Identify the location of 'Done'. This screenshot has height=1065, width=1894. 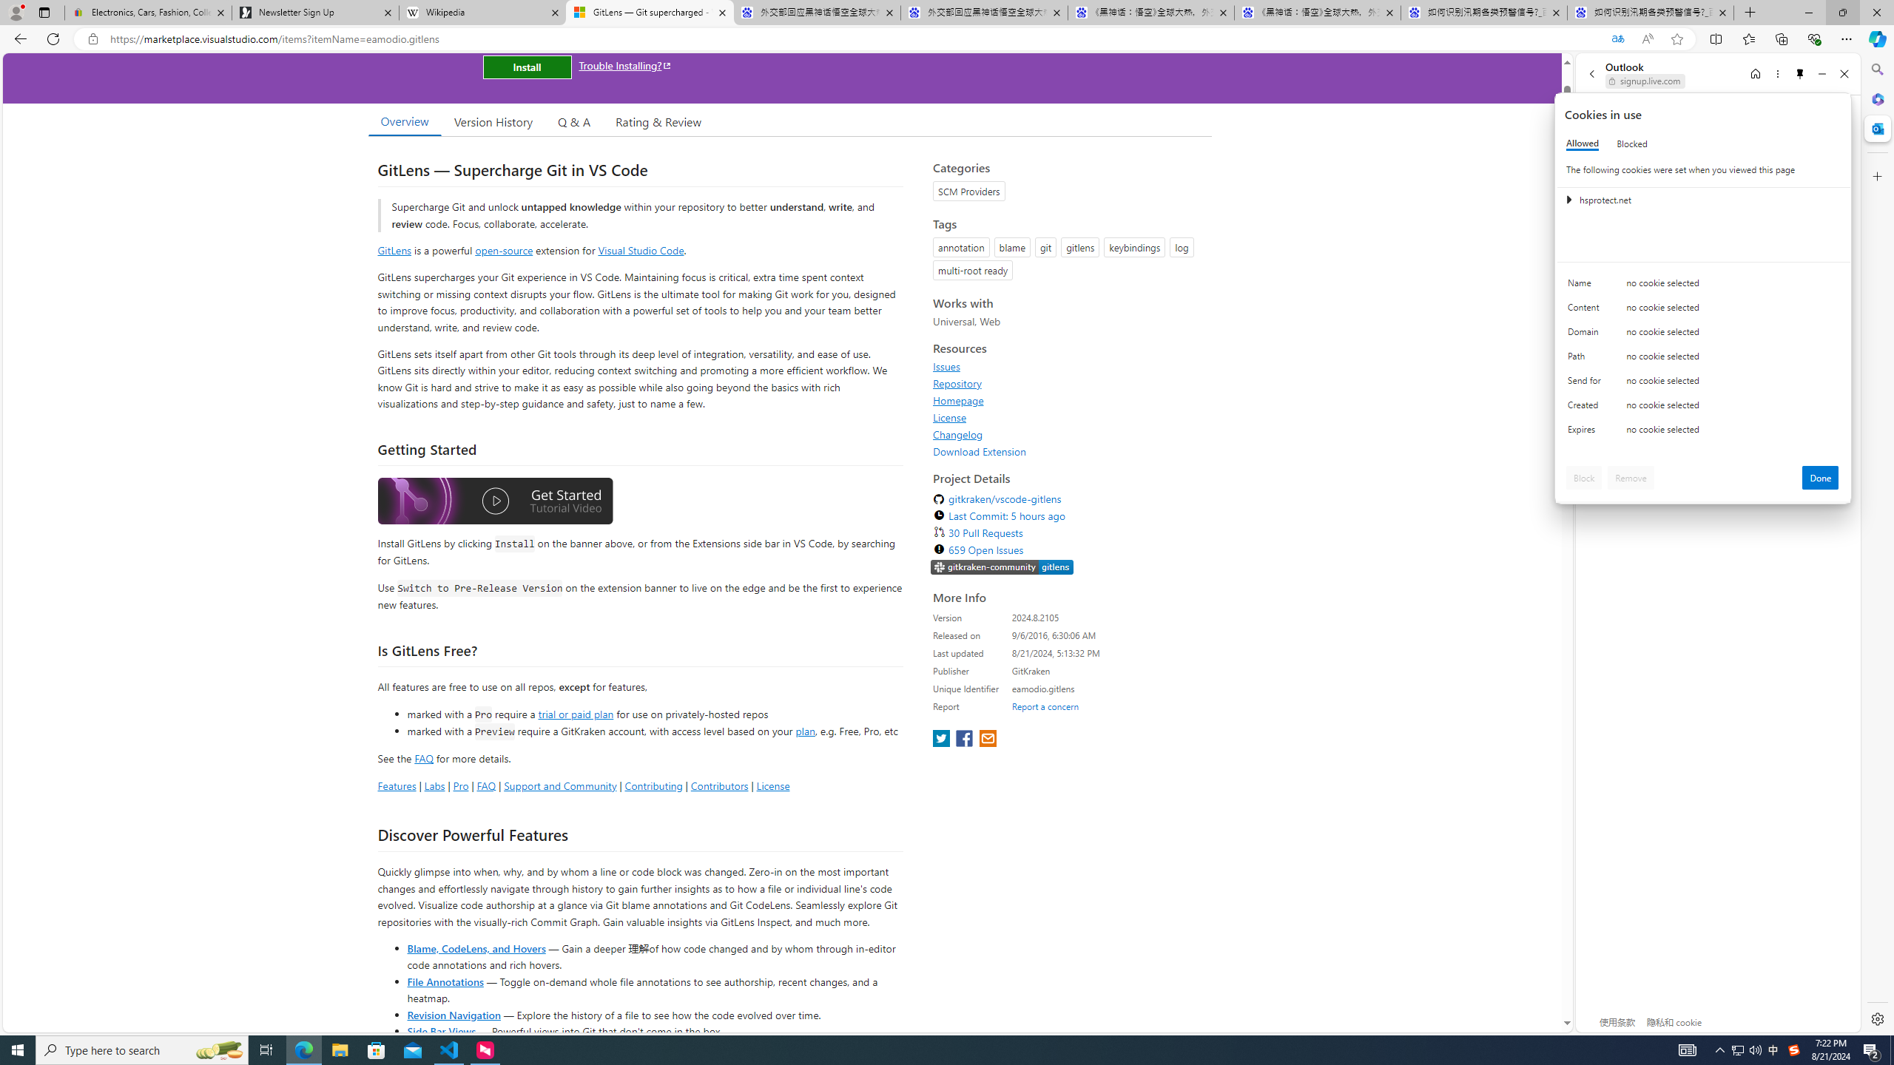
(1821, 478).